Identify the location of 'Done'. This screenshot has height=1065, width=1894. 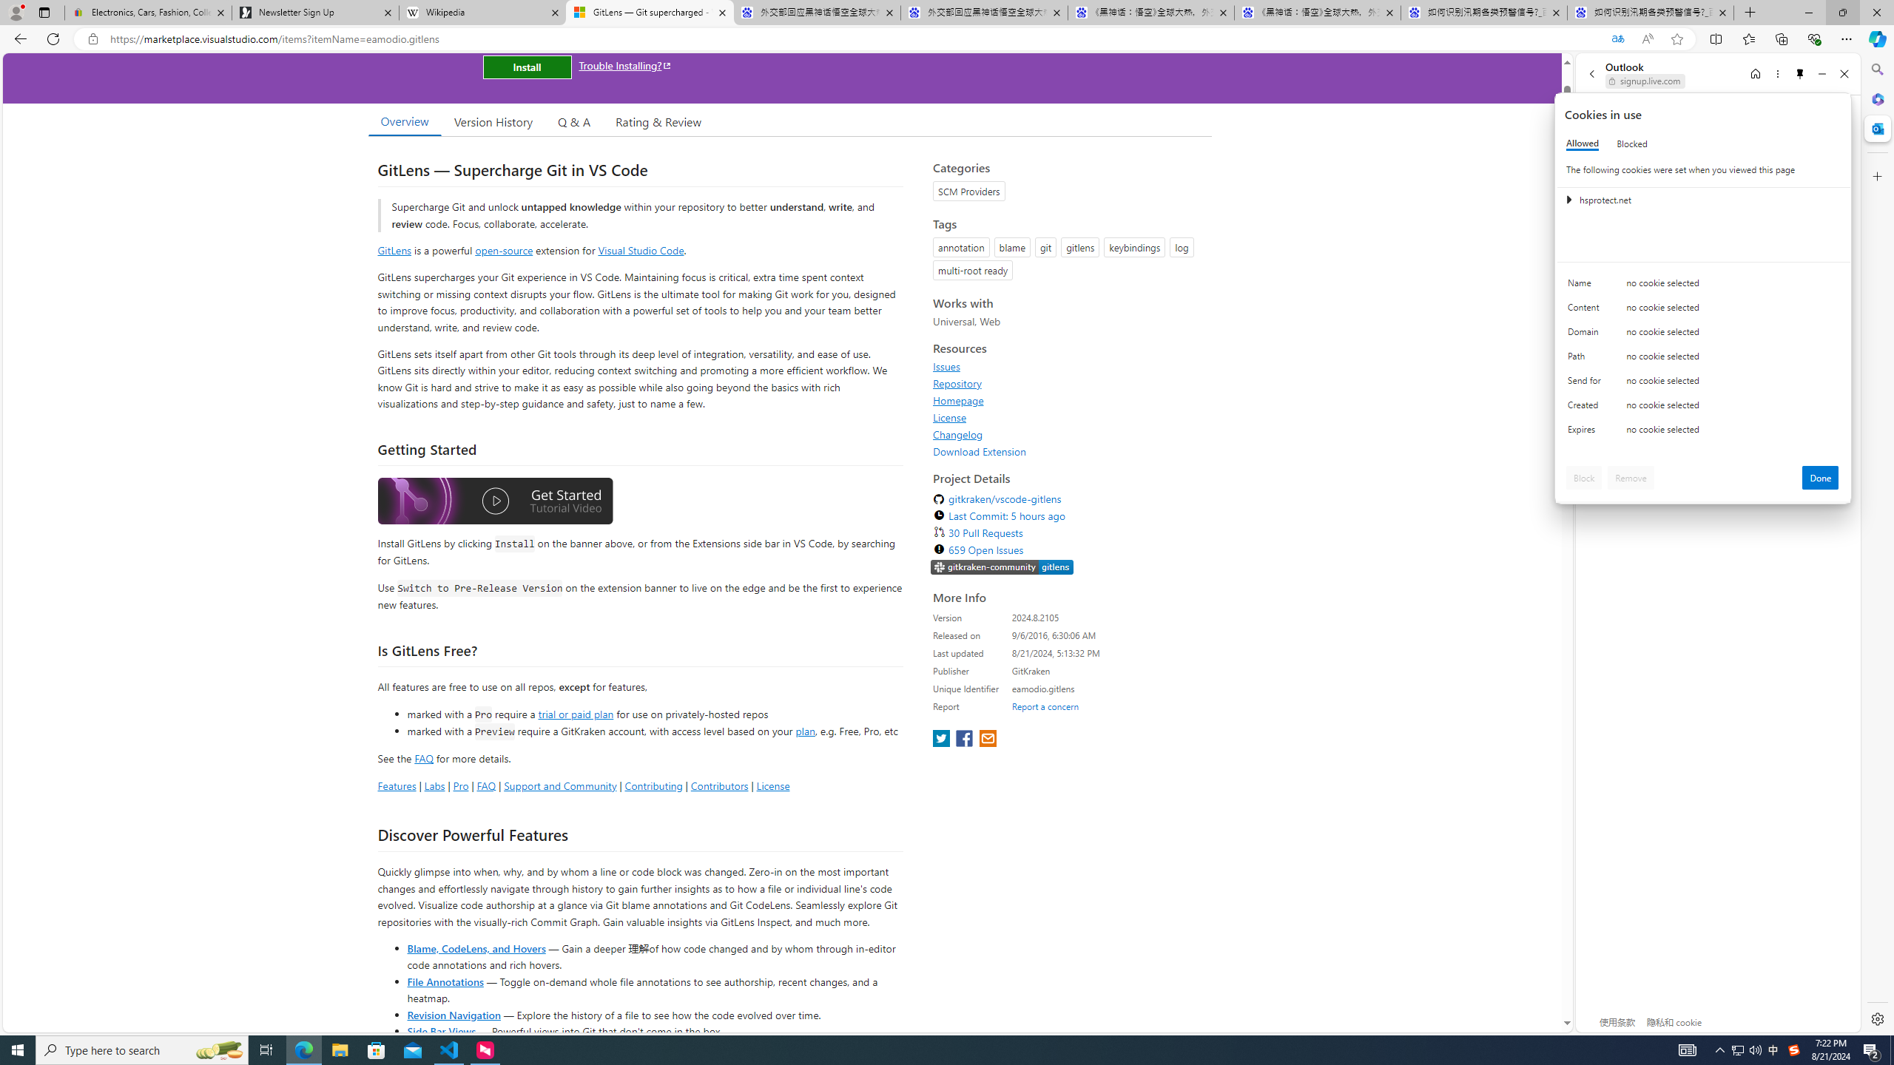
(1821, 478).